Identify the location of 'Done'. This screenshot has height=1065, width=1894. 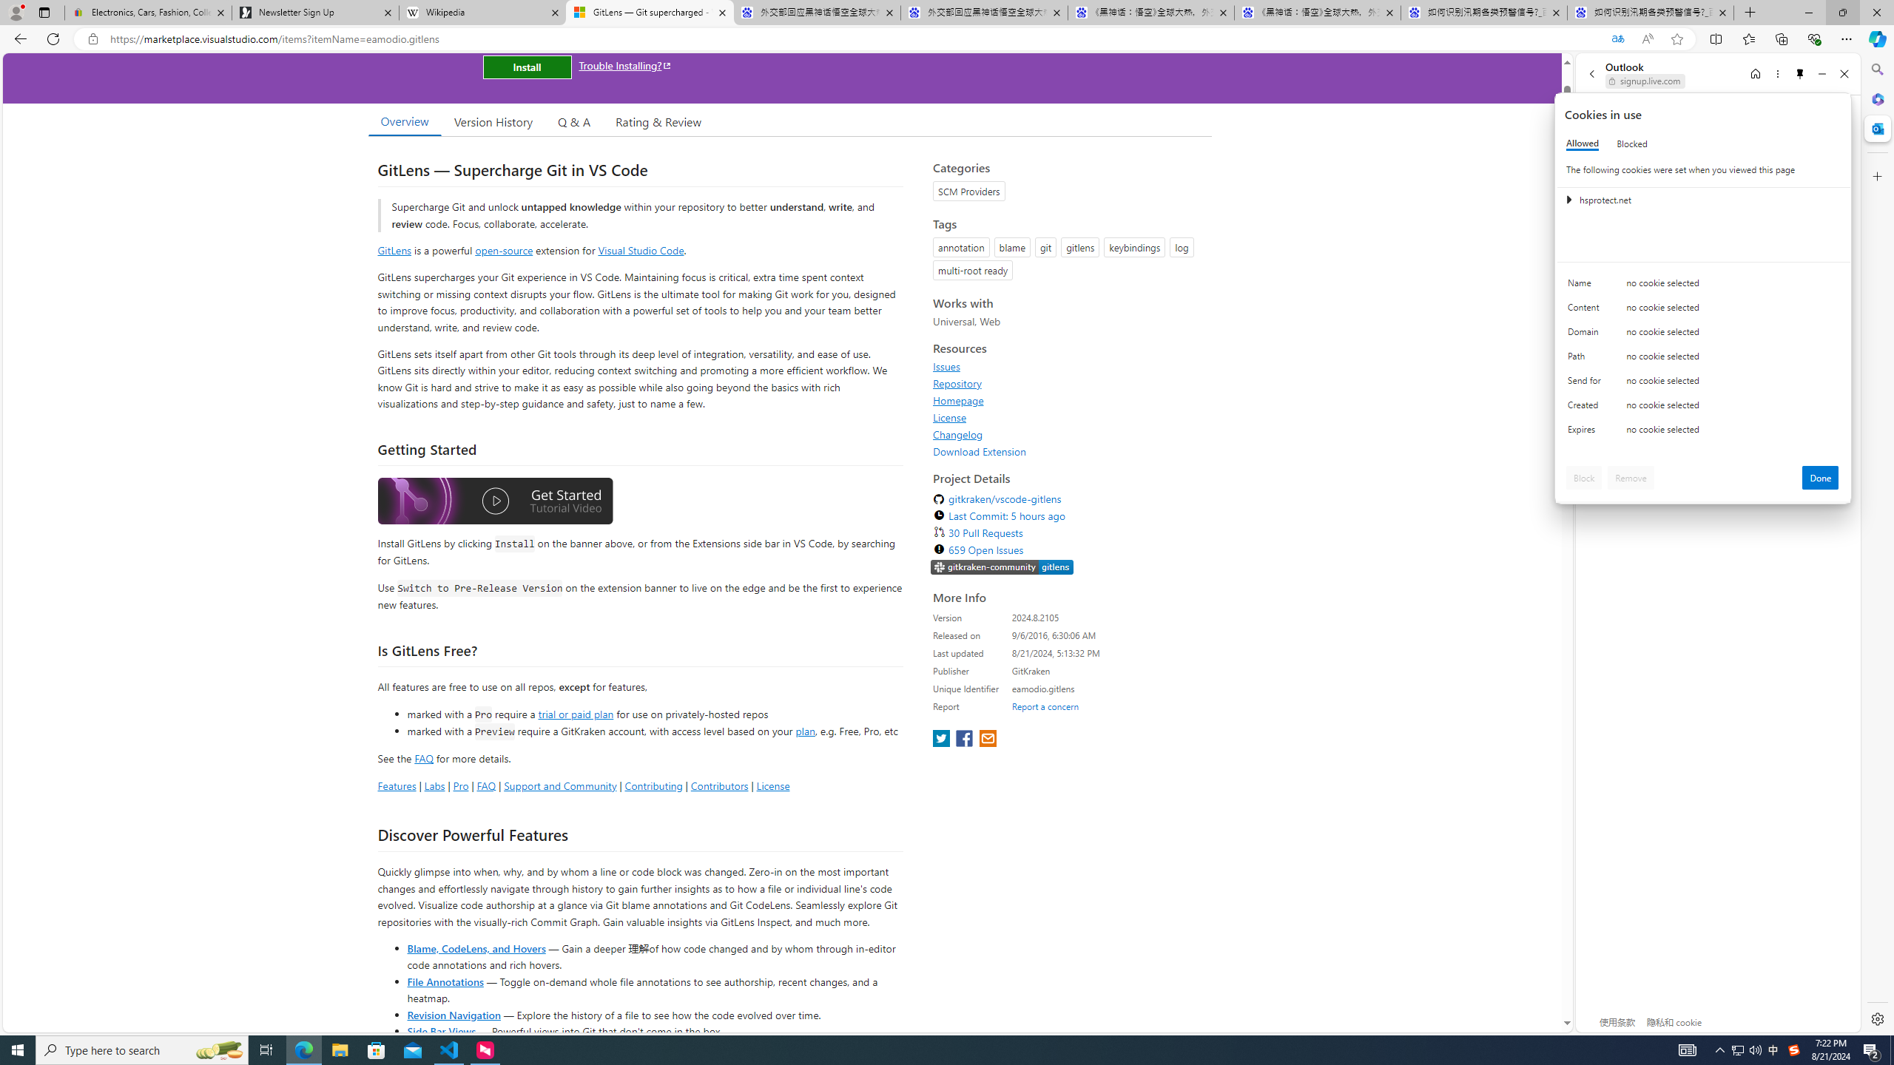
(1821, 478).